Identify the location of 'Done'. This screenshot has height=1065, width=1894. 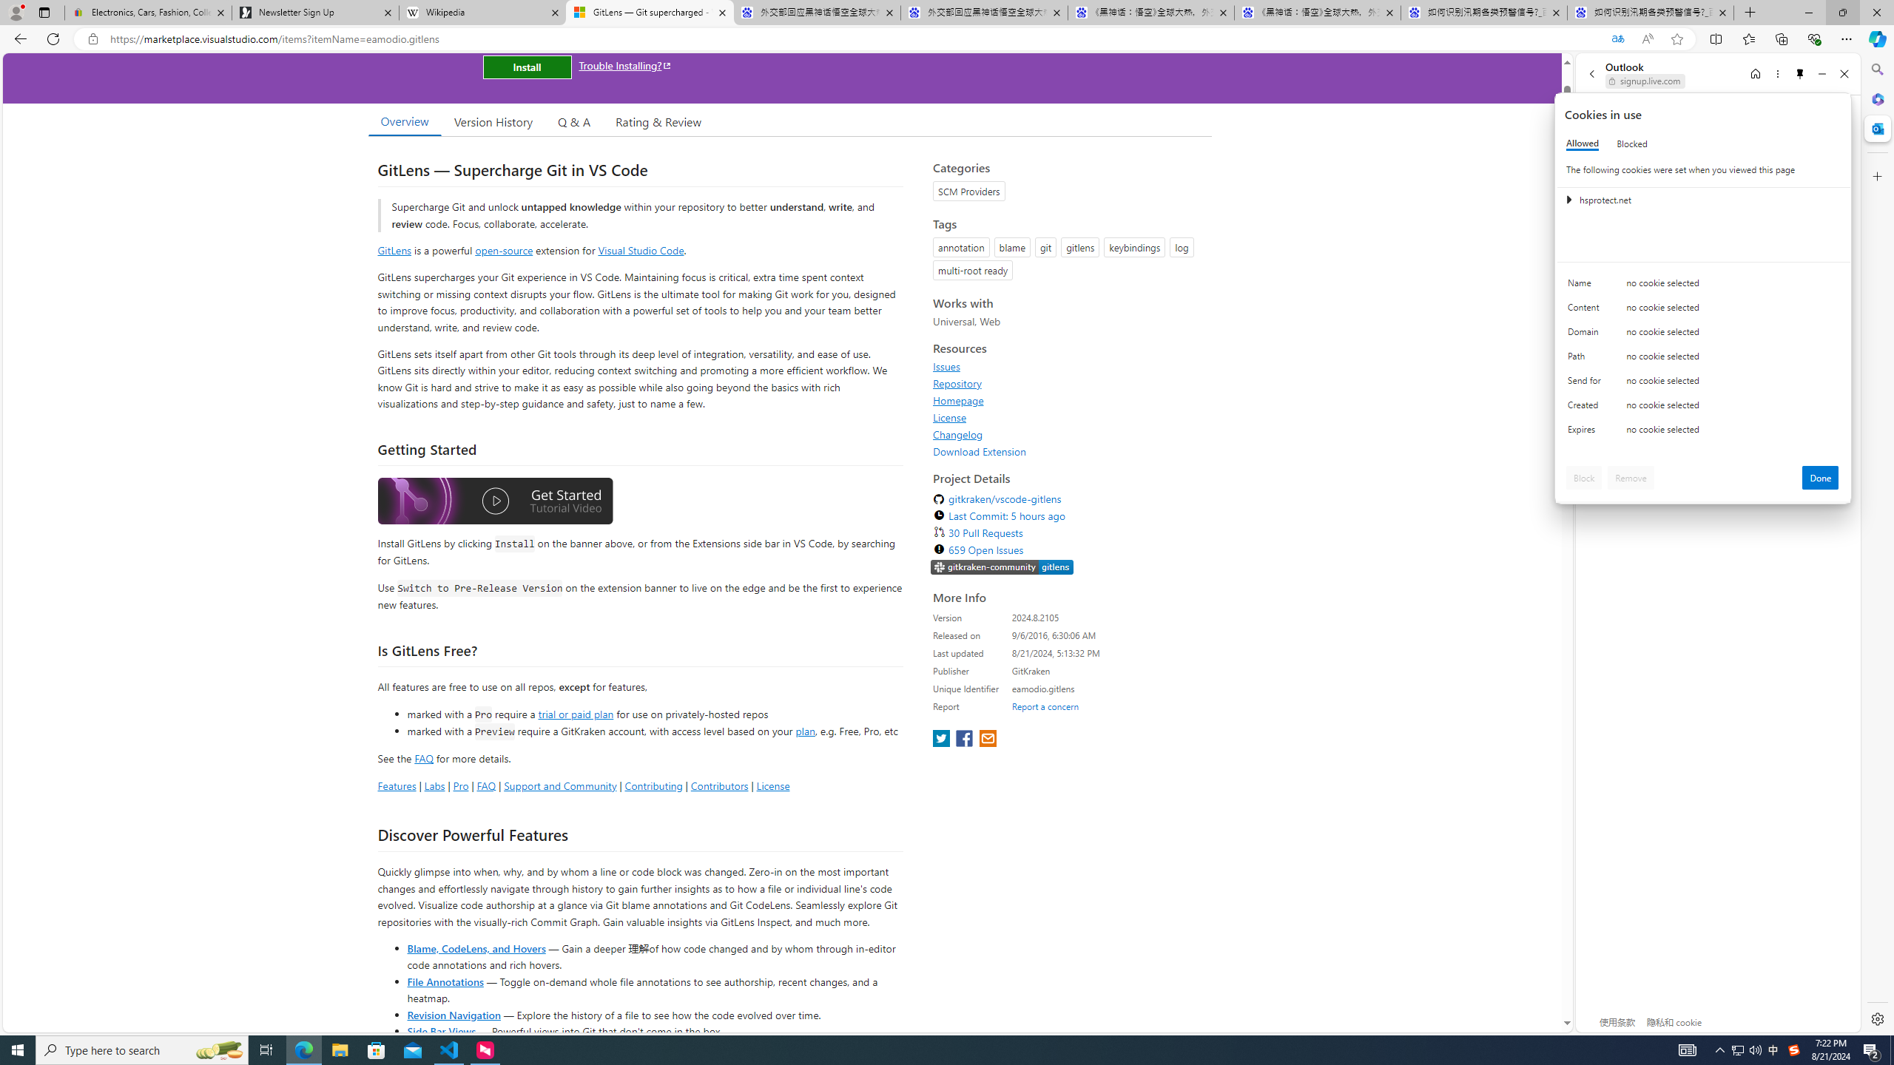
(1821, 478).